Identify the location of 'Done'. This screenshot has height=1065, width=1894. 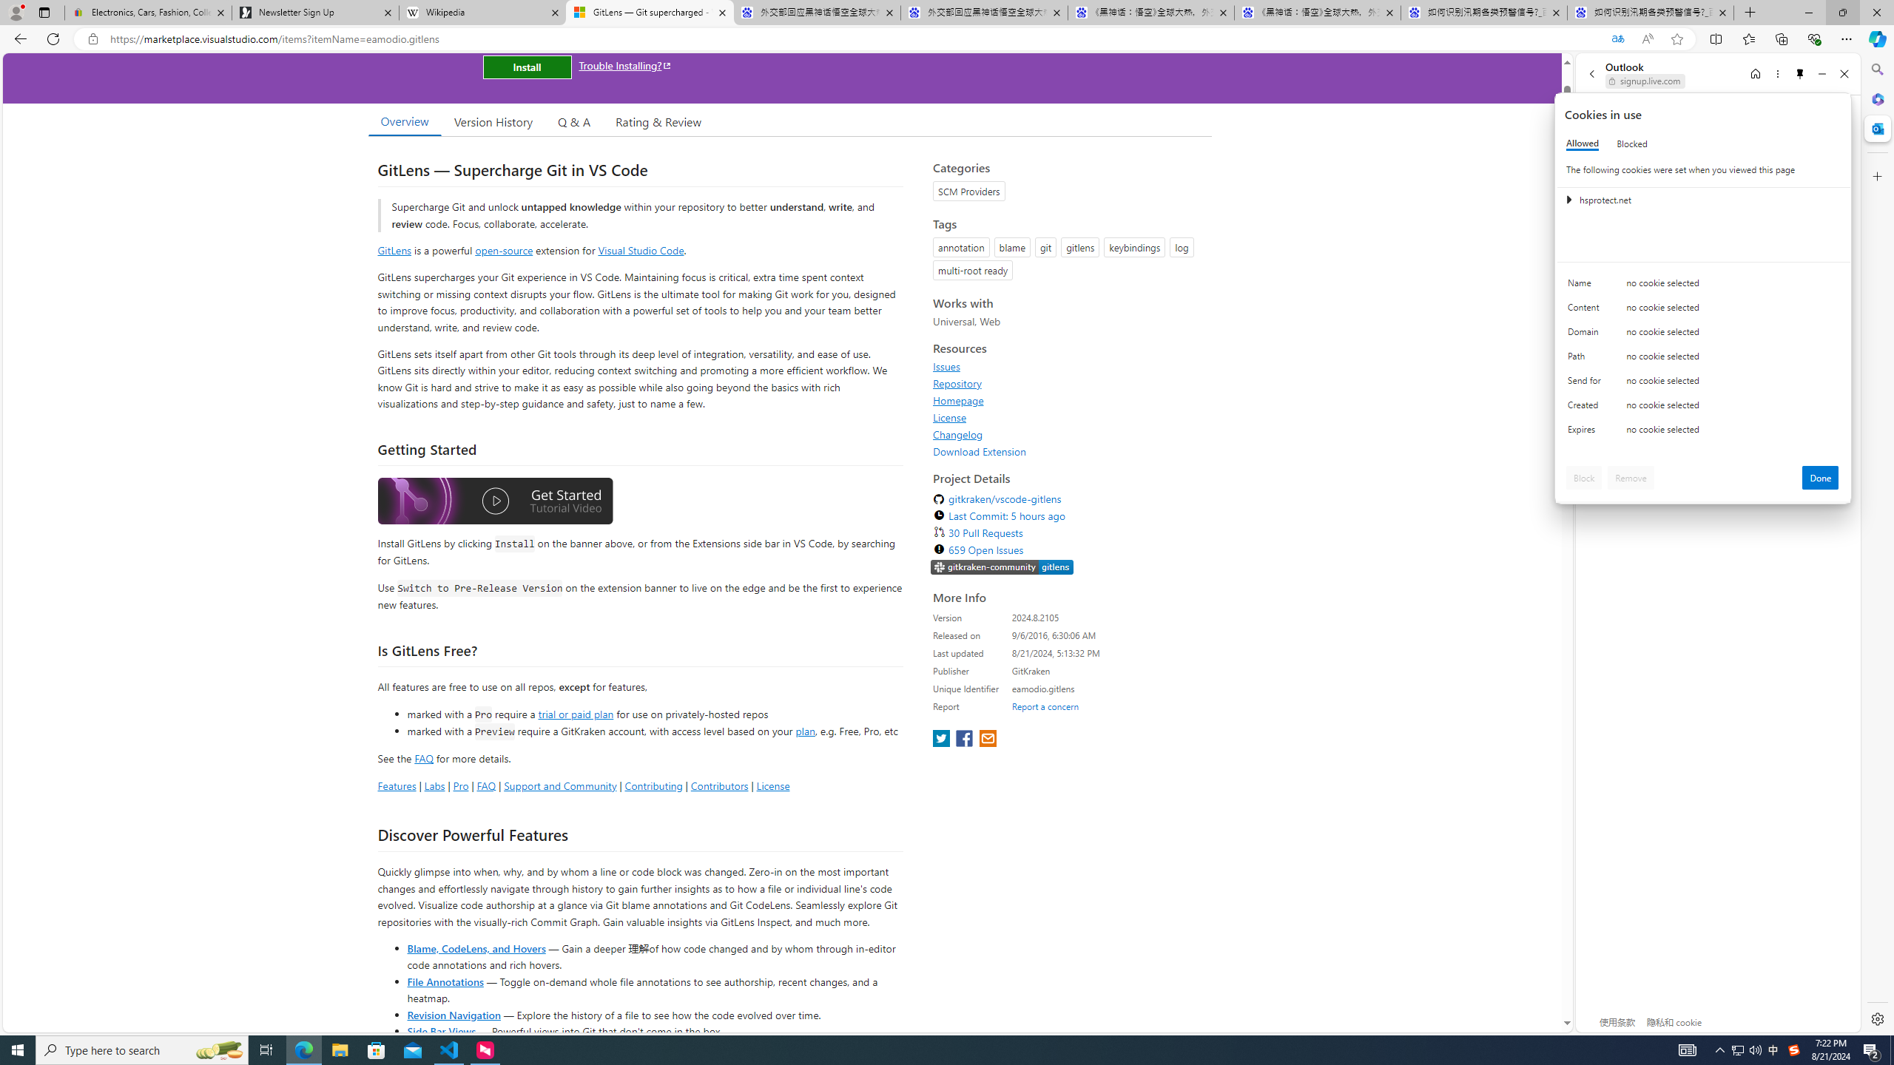
(1821, 478).